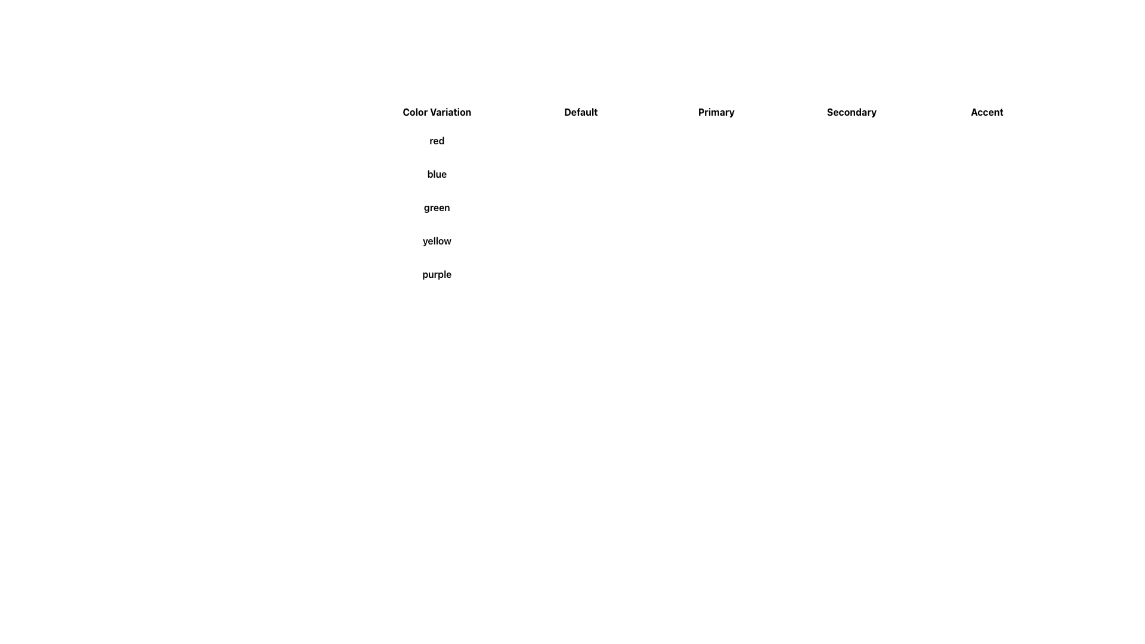  What do you see at coordinates (581, 112) in the screenshot?
I see `the informational header label indicating the category or state named 'Default'` at bounding box center [581, 112].